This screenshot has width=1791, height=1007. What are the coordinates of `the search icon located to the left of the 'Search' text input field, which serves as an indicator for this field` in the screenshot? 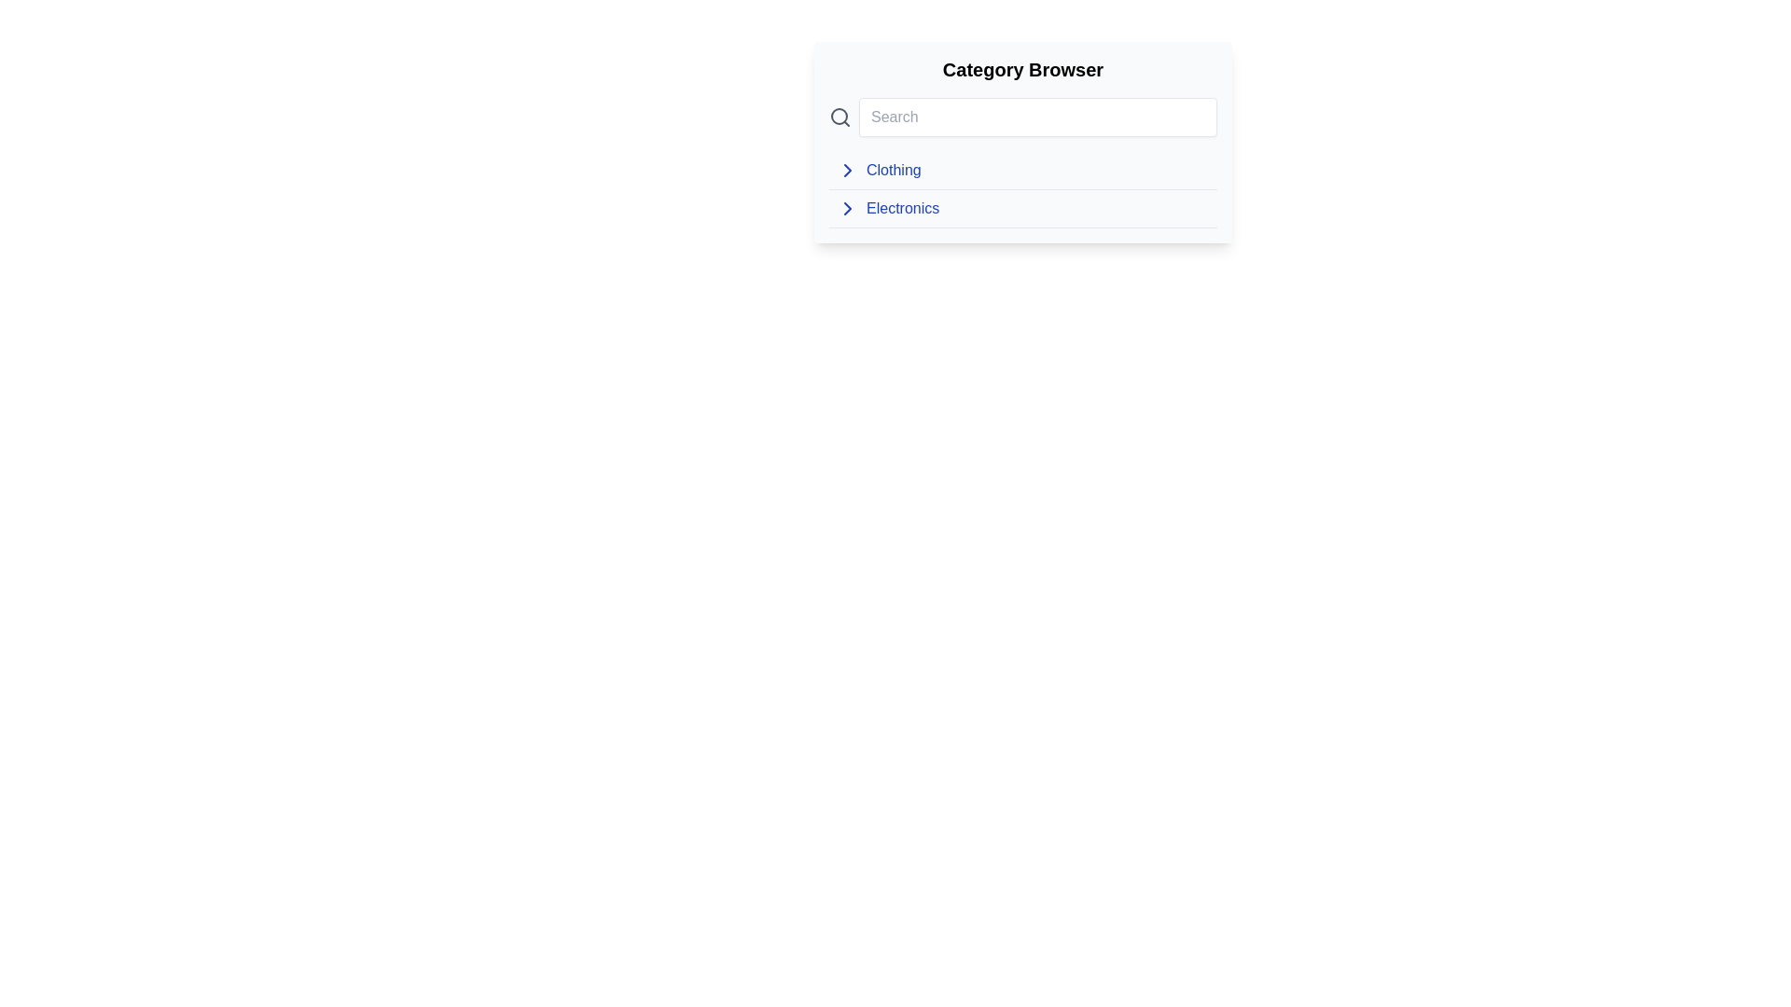 It's located at (840, 117).